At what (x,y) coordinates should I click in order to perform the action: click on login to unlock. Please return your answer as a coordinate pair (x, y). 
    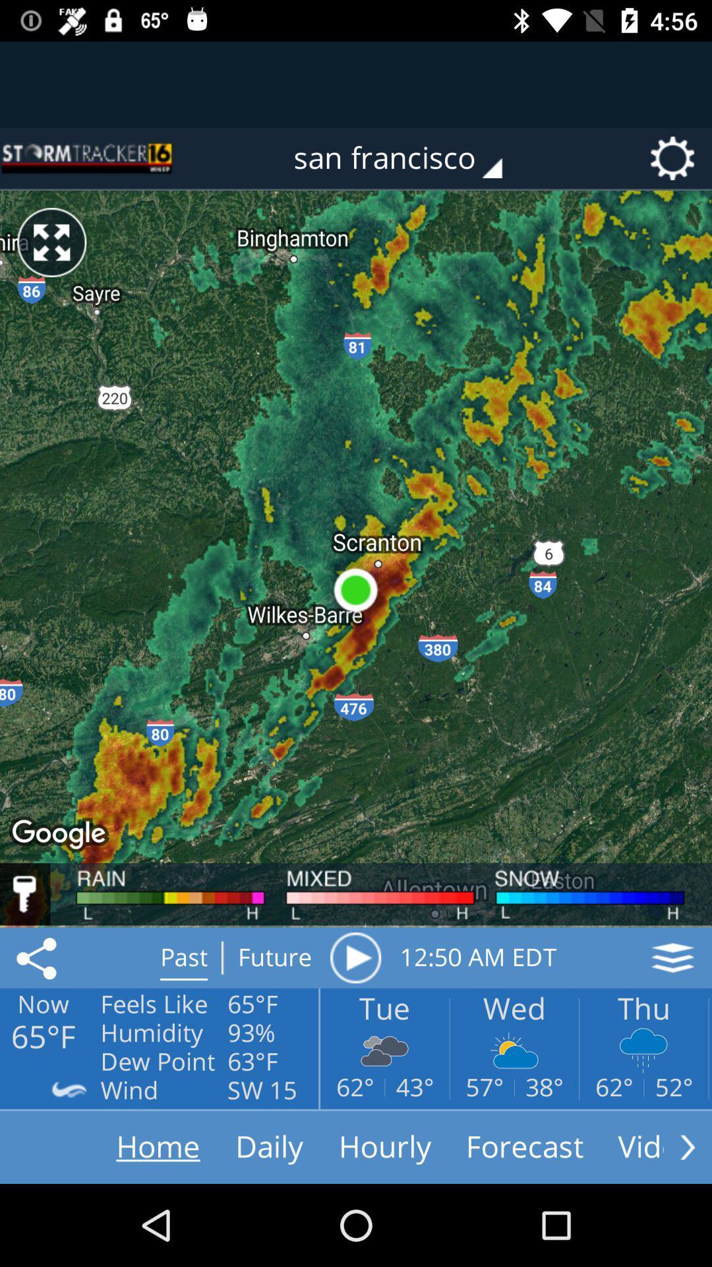
    Looking at the image, I should click on (25, 894).